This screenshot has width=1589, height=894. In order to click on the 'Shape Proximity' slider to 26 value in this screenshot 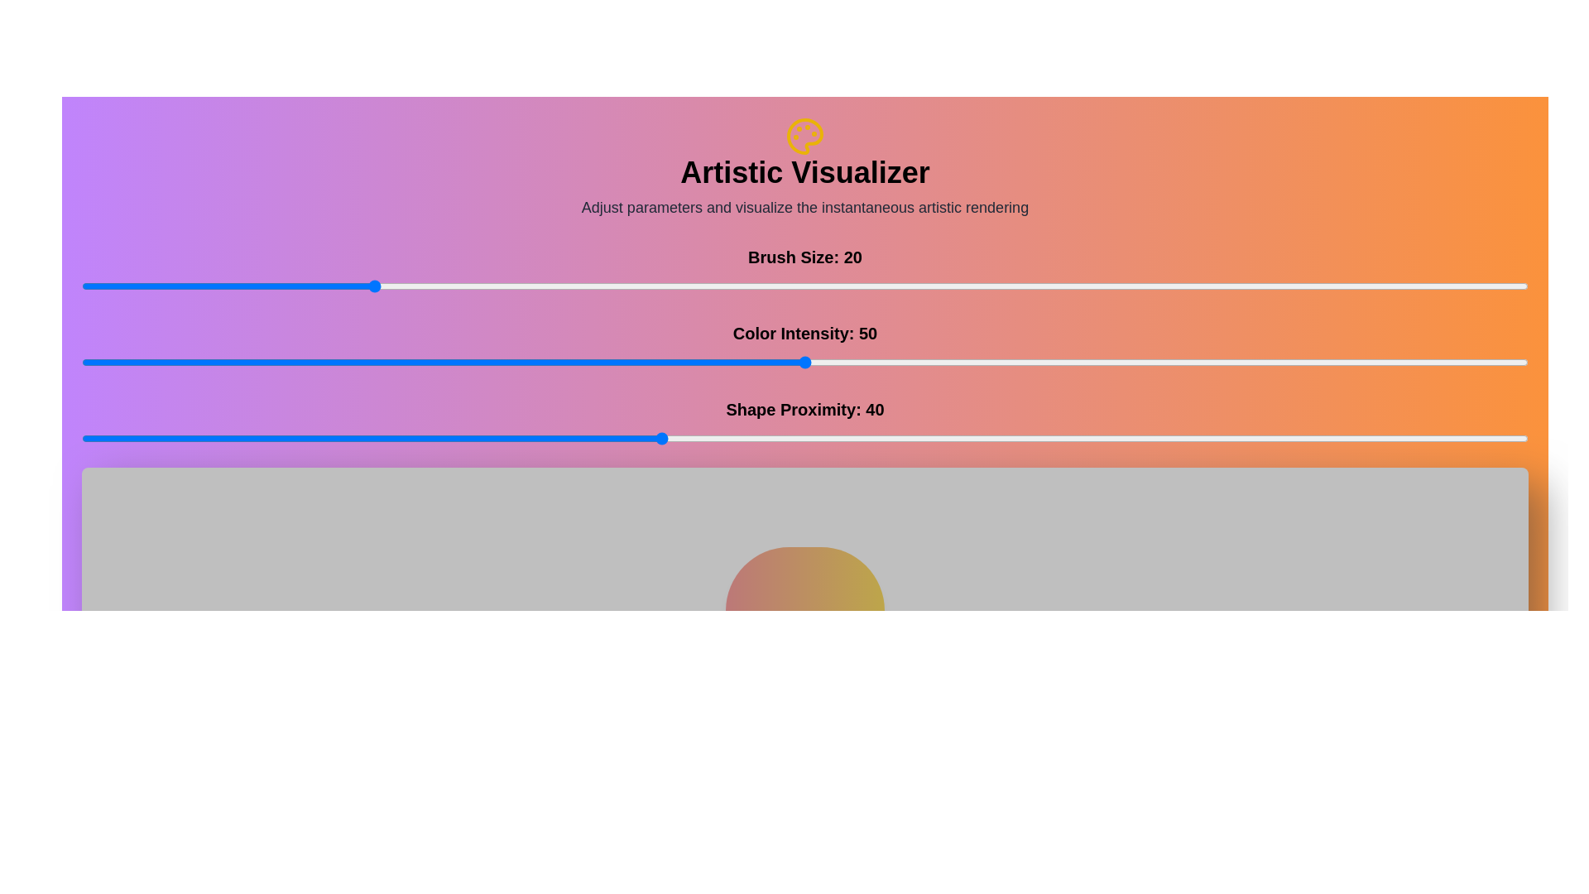, I will do `click(458, 437)`.